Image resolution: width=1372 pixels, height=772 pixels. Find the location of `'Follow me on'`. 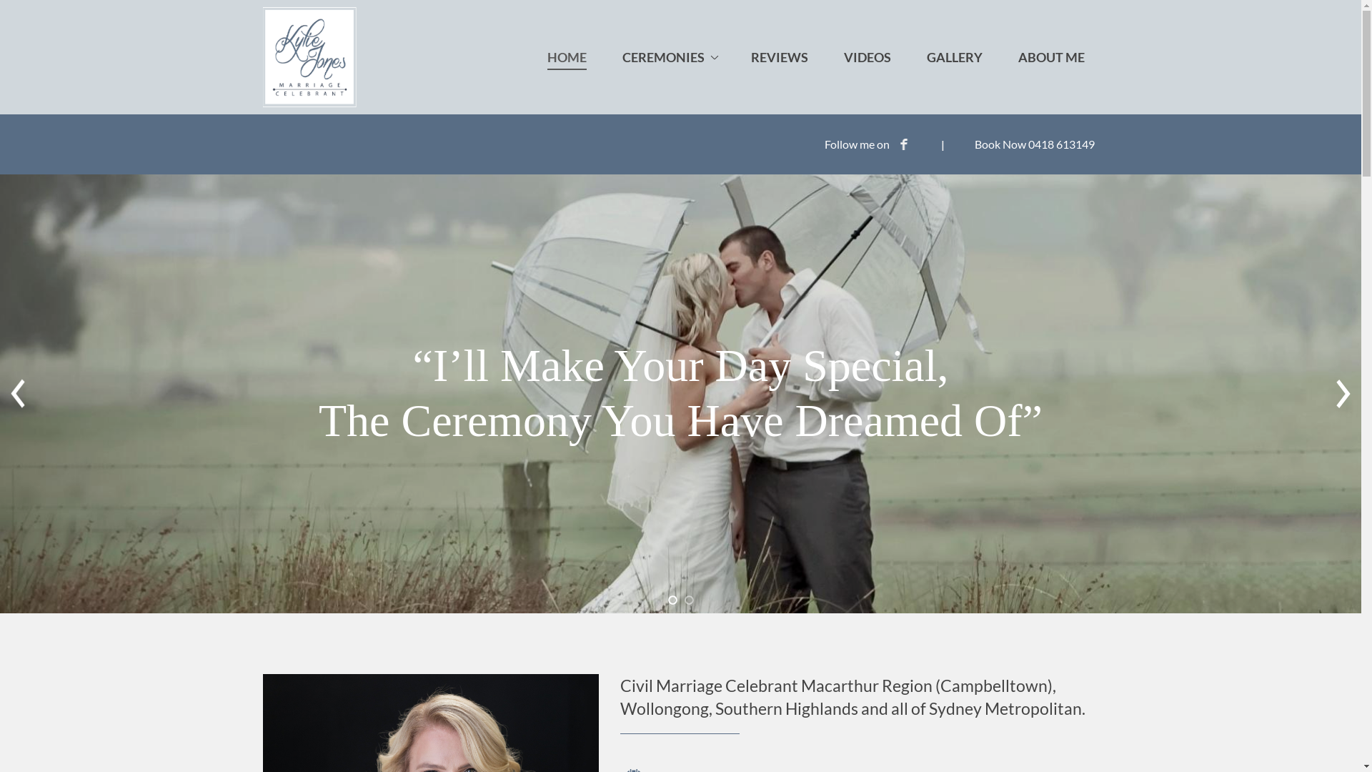

'Follow me on' is located at coordinates (867, 144).